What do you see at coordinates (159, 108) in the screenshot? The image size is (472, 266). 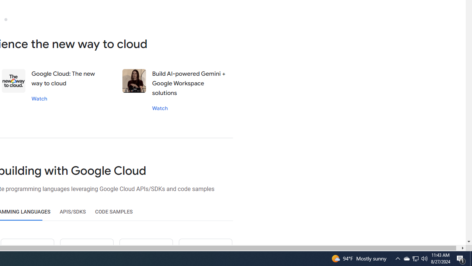 I see `'Watch'` at bounding box center [159, 108].